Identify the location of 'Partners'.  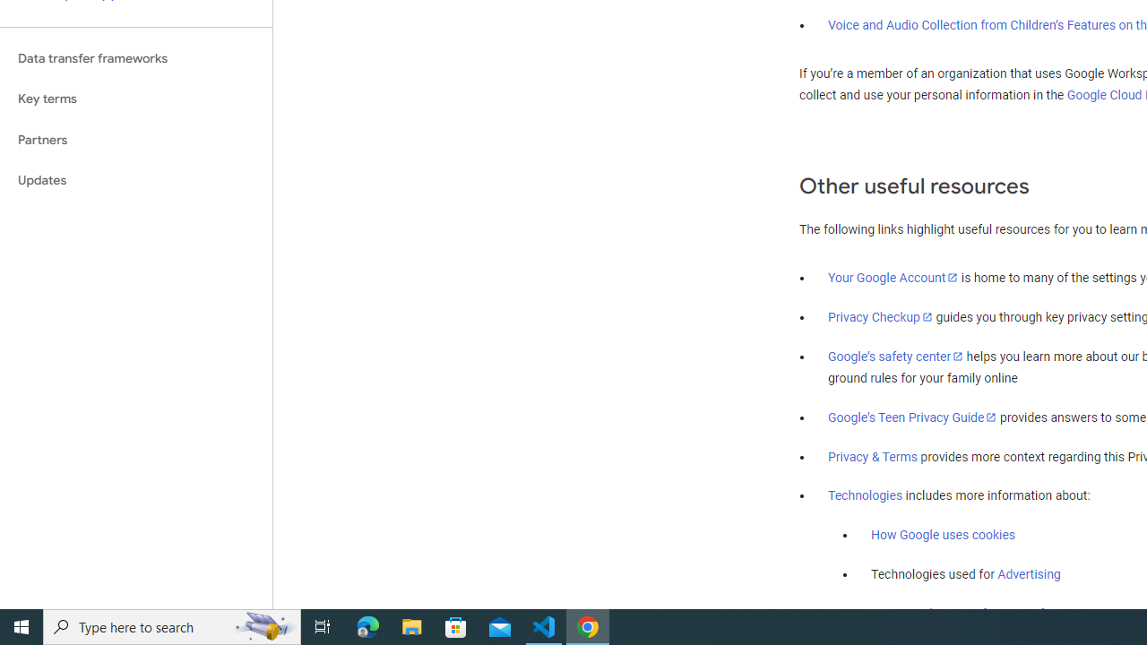
(135, 139).